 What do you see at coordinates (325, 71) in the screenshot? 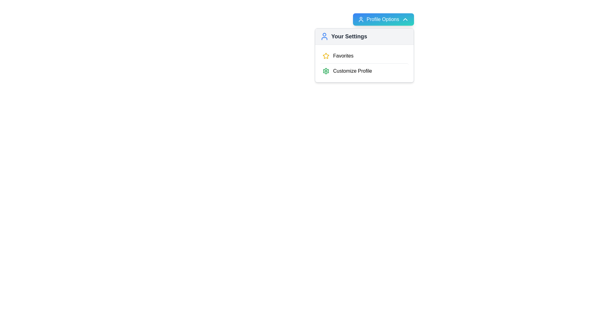
I see `the 'Customize Profile' text located to the right of the green gear icon within the dropdown menu under 'Profile Options'` at bounding box center [325, 71].